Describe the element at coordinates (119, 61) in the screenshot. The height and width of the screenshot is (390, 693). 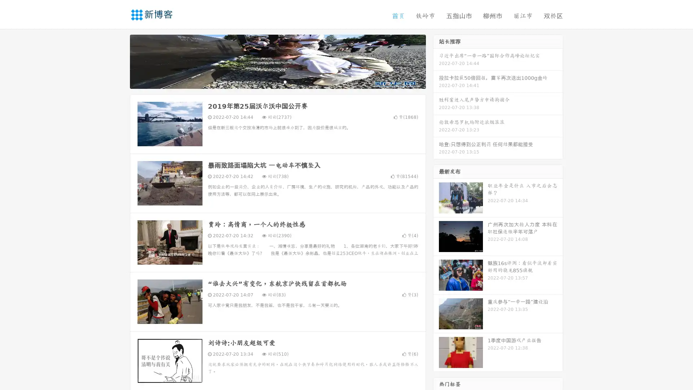
I see `Previous slide` at that location.